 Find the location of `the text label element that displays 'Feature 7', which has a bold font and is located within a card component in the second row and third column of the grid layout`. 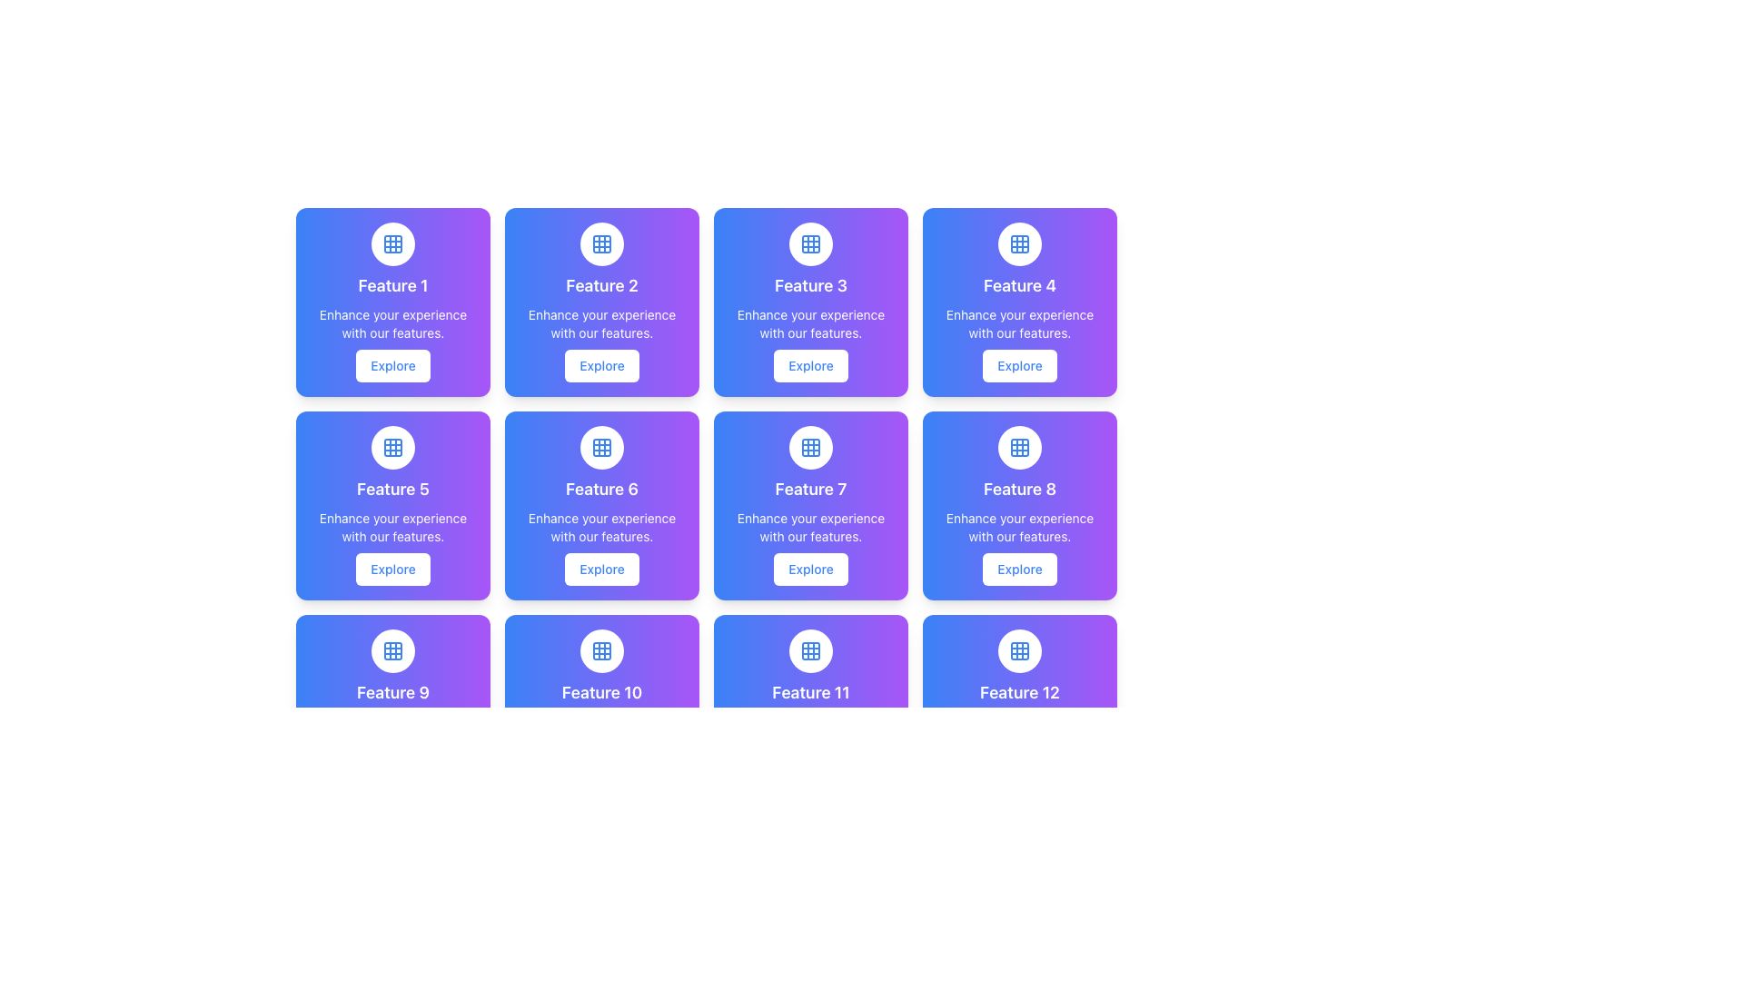

the text label element that displays 'Feature 7', which has a bold font and is located within a card component in the second row and third column of the grid layout is located at coordinates (809, 489).